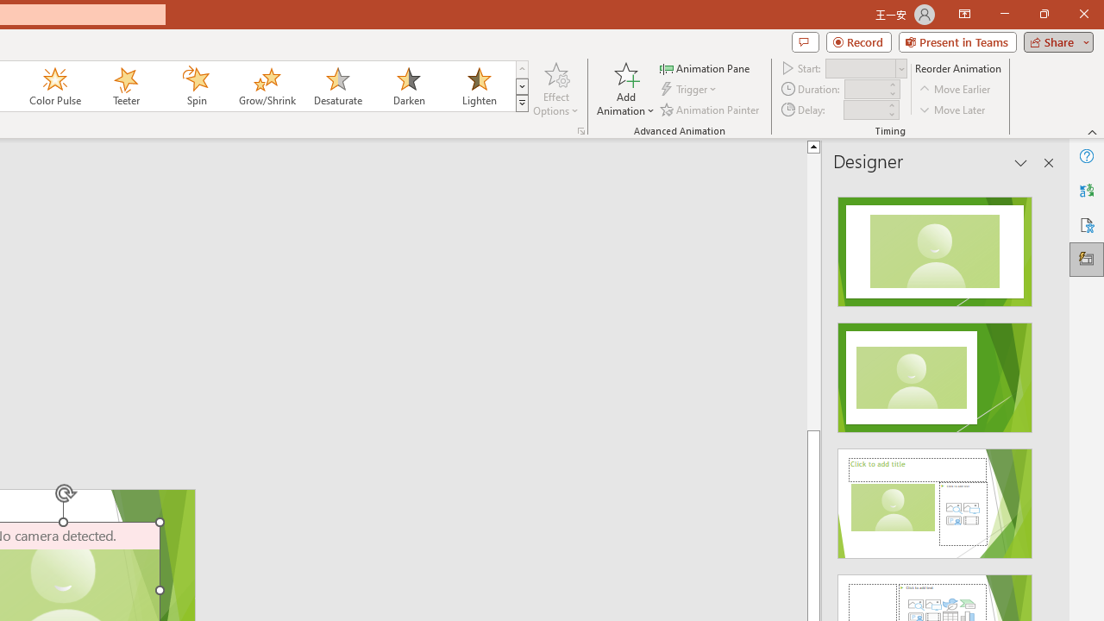 The image size is (1104, 621). What do you see at coordinates (266, 86) in the screenshot?
I see `'Grow/Shrink'` at bounding box center [266, 86].